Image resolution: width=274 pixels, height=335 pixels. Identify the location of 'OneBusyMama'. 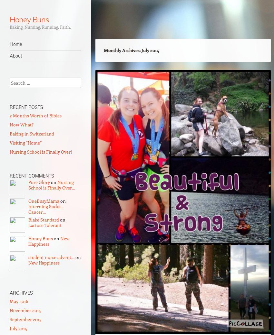
(44, 201).